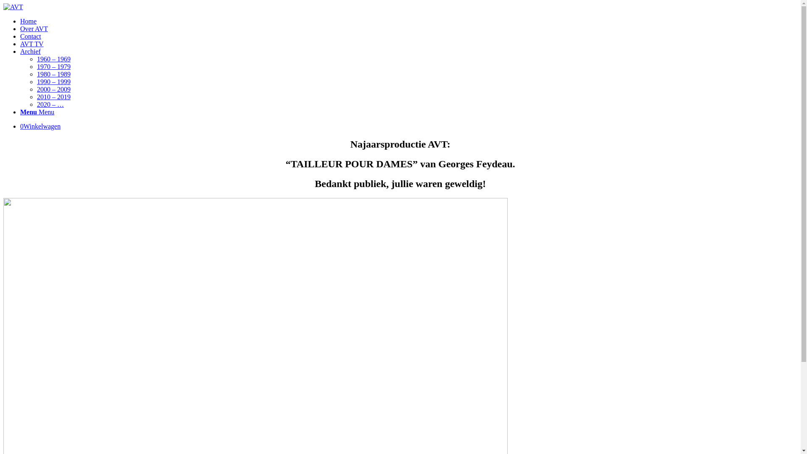  What do you see at coordinates (37, 111) in the screenshot?
I see `'Menu Menu'` at bounding box center [37, 111].